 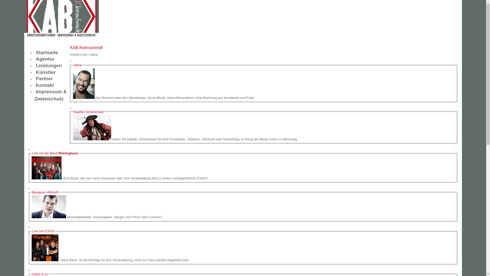 I want to click on 'Kontakt', so click(x=45, y=85).